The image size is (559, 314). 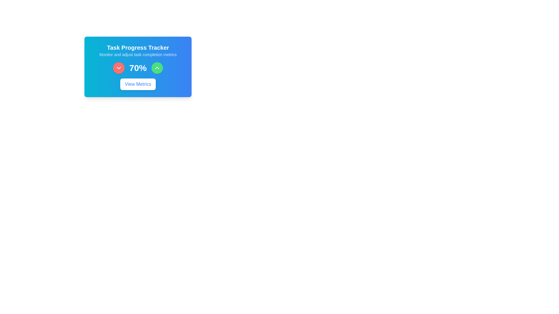 I want to click on the rectangular button labeled 'View Metrics' with a white background and blue text, so click(x=138, y=84).